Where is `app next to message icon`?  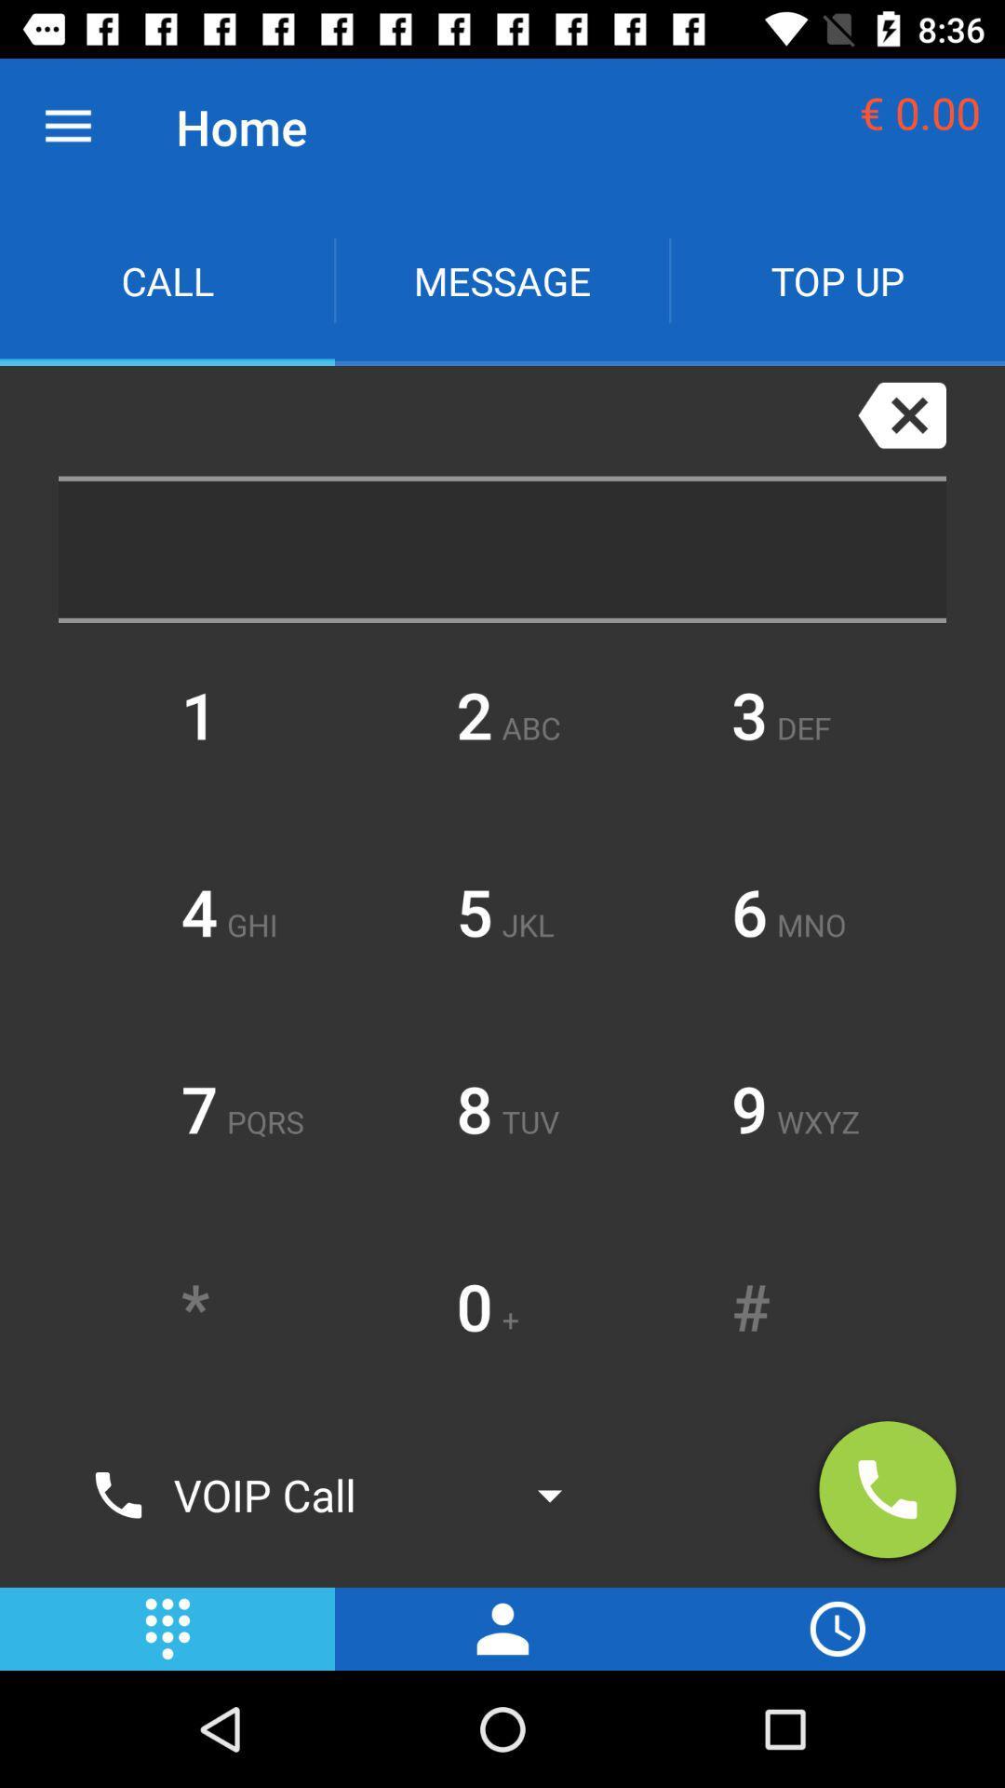
app next to message icon is located at coordinates (836, 279).